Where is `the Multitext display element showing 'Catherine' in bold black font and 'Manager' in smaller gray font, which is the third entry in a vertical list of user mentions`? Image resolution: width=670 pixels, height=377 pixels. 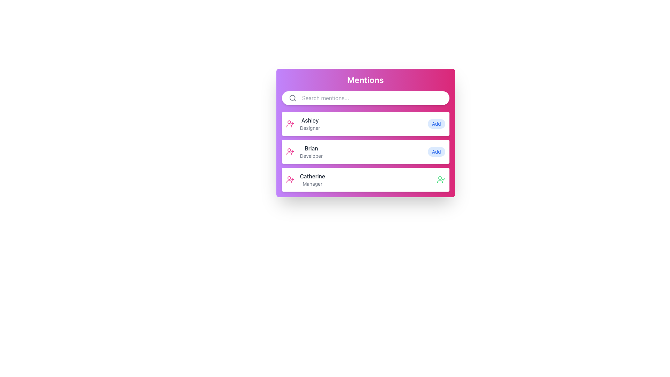
the Multitext display element showing 'Catherine' in bold black font and 'Manager' in smaller gray font, which is the third entry in a vertical list of user mentions is located at coordinates (312, 179).